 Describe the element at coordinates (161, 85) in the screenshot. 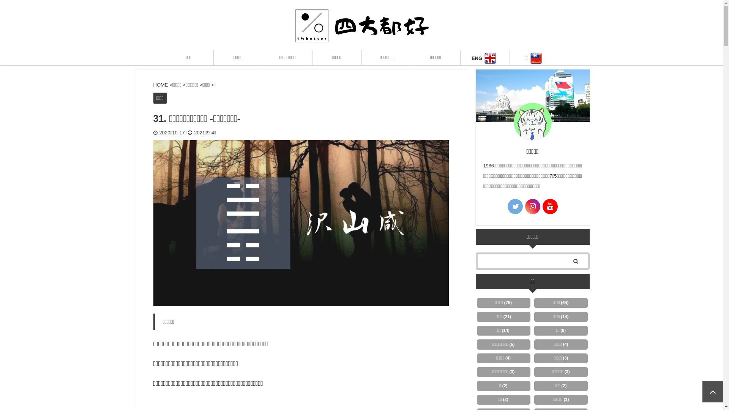

I see `'HOME'` at that location.